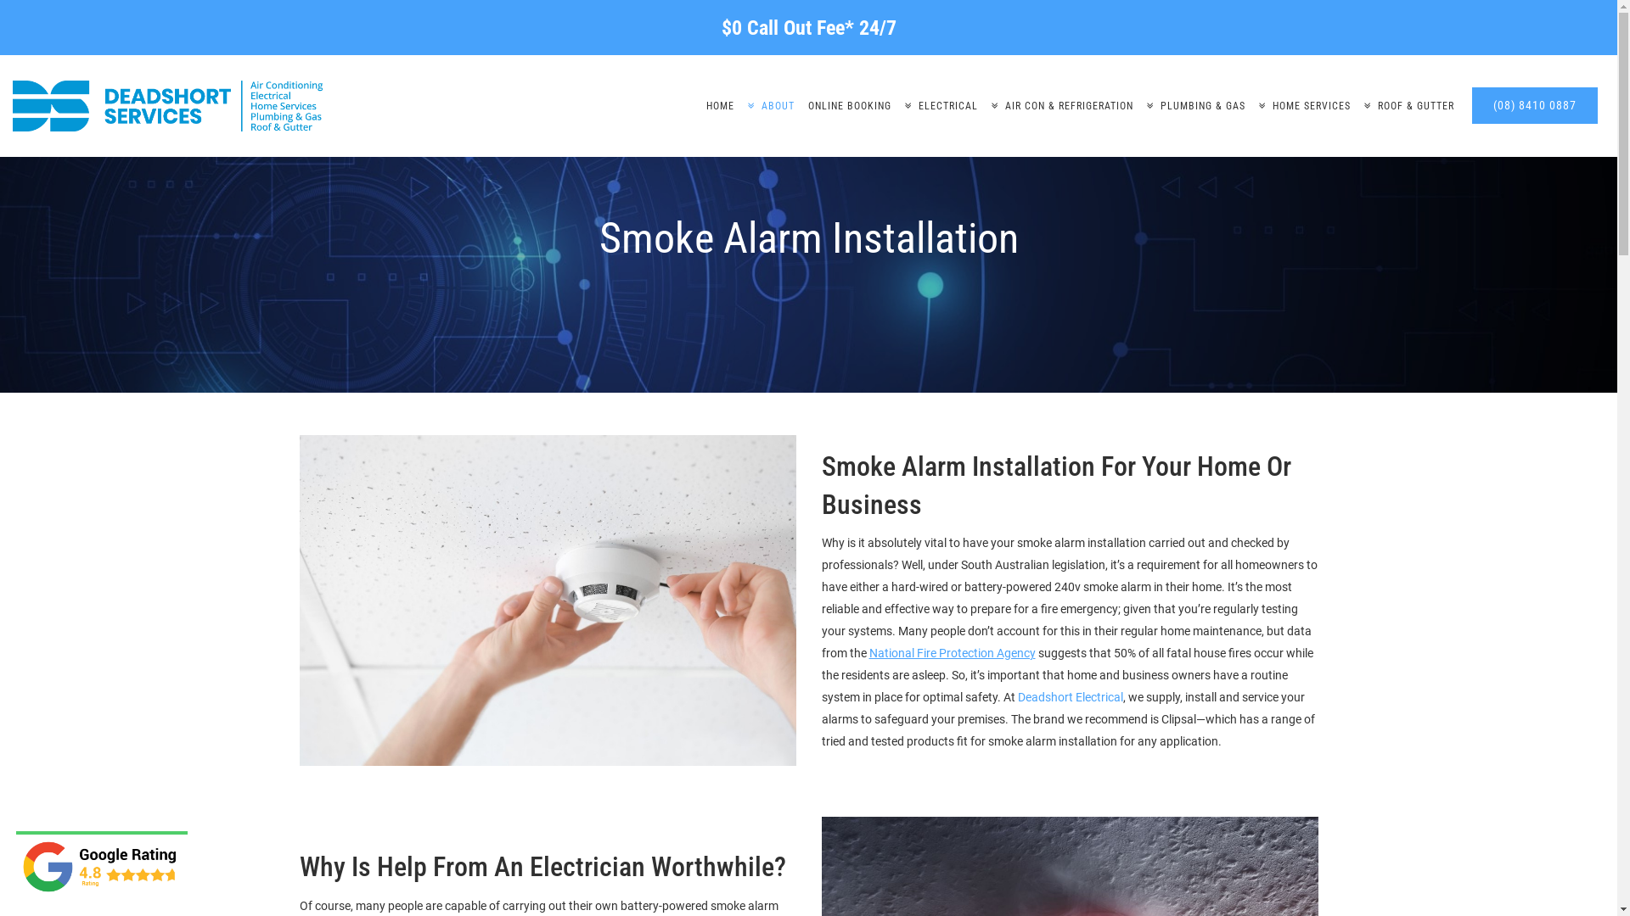 Image resolution: width=1630 pixels, height=916 pixels. Describe the element at coordinates (770, 105) in the screenshot. I see `'ABOUT'` at that location.